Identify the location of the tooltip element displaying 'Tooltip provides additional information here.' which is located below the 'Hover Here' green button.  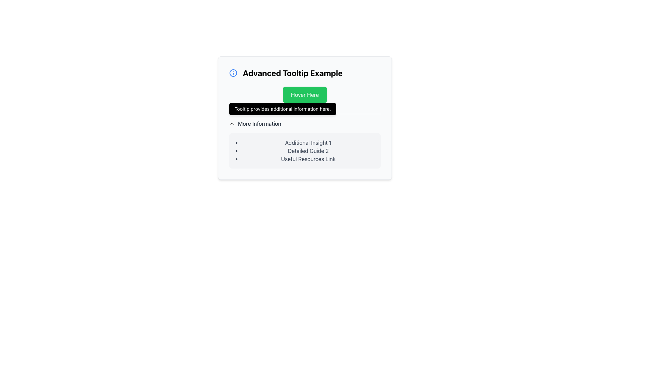
(283, 108).